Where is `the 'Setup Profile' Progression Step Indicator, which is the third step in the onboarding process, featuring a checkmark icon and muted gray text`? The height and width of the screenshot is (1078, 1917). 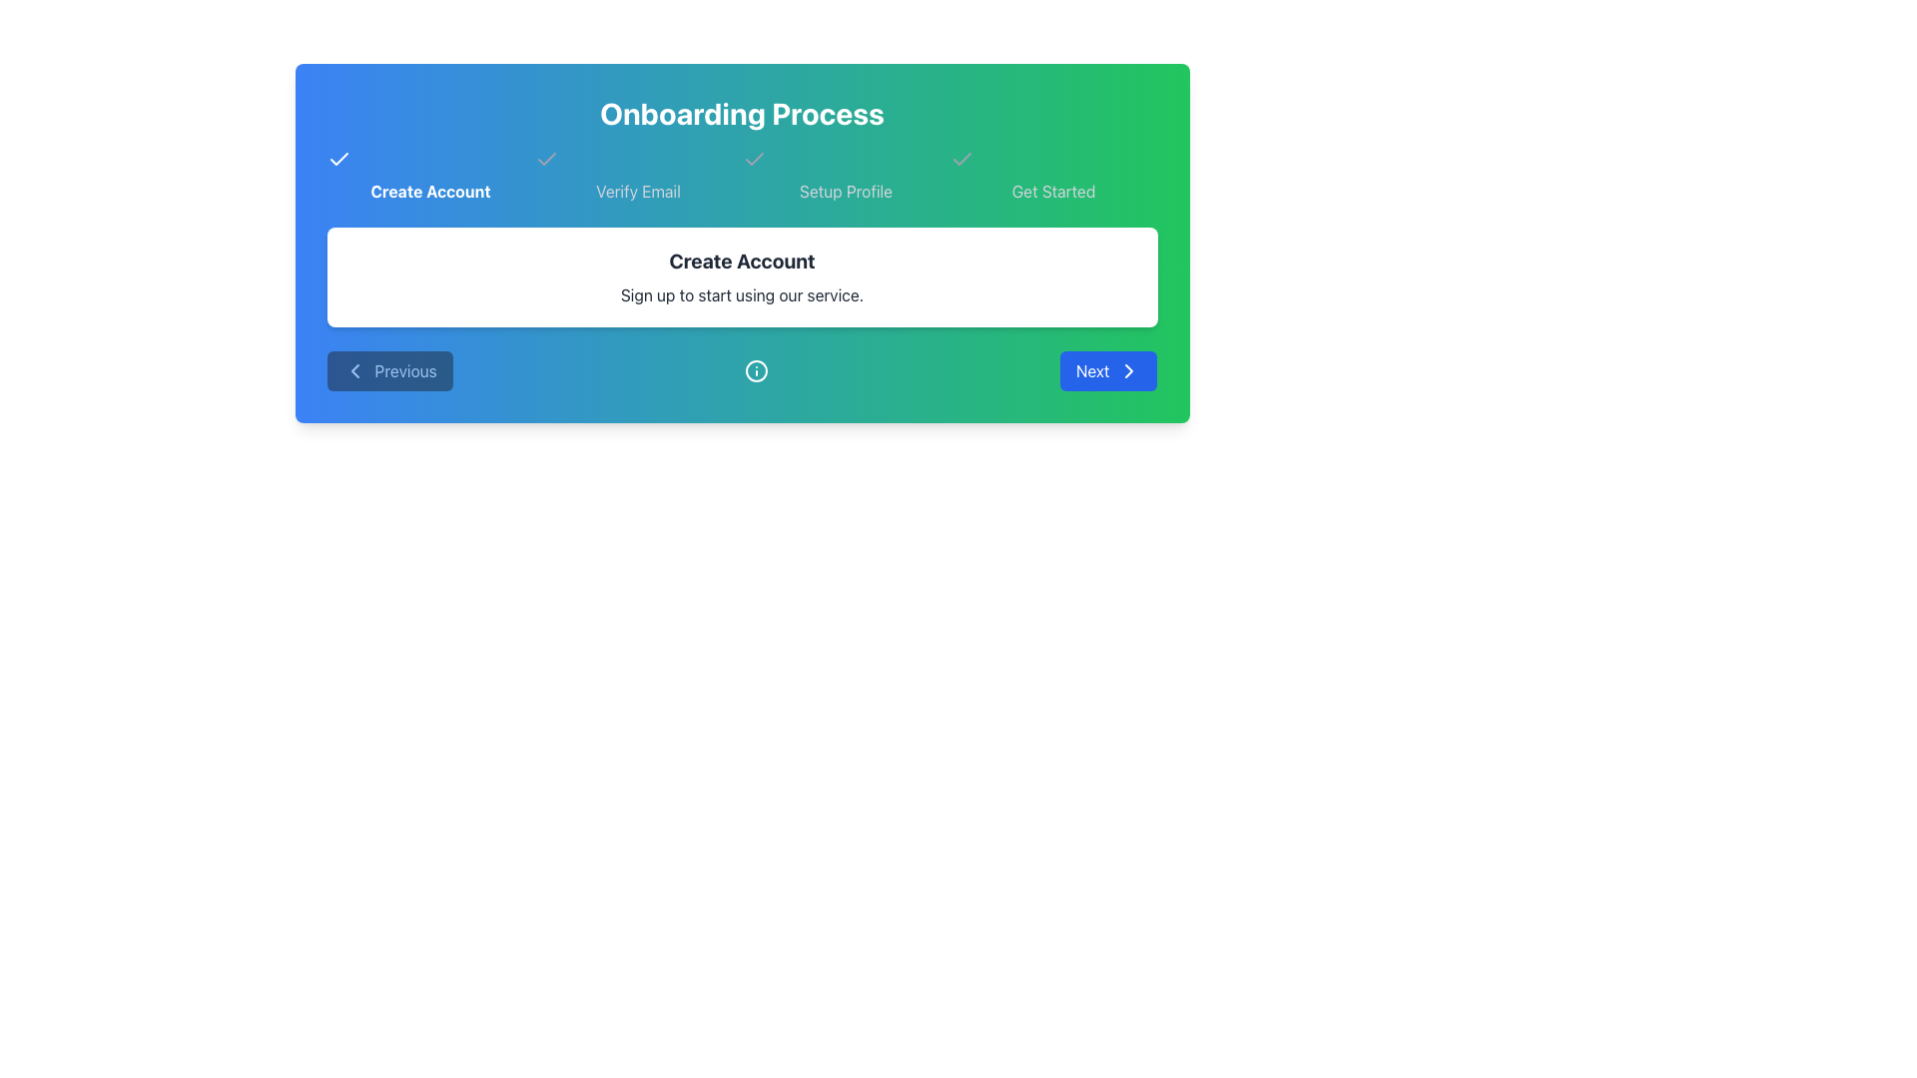 the 'Setup Profile' Progression Step Indicator, which is the third step in the onboarding process, featuring a checkmark icon and muted gray text is located at coordinates (846, 175).